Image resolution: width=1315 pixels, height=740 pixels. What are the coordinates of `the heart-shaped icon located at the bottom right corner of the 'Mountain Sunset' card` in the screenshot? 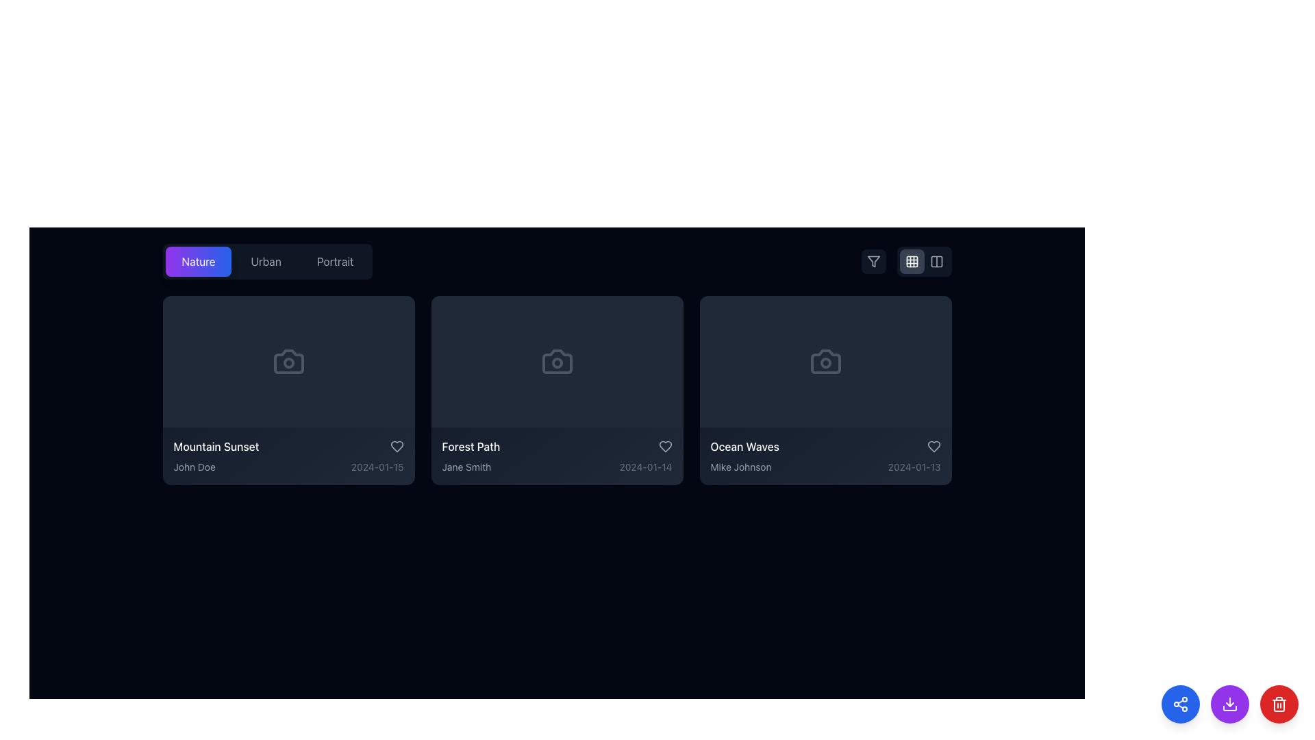 It's located at (396, 446).